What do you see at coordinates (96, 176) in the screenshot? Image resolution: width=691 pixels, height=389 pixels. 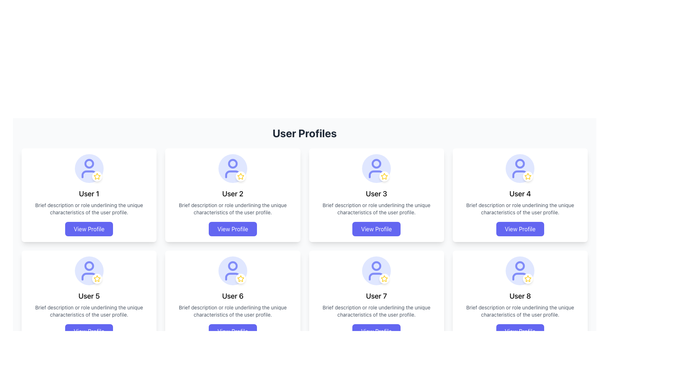 I see `the star icon located in the bottom-right corner of 'User 1's user card to mark it as favorite` at bounding box center [96, 176].